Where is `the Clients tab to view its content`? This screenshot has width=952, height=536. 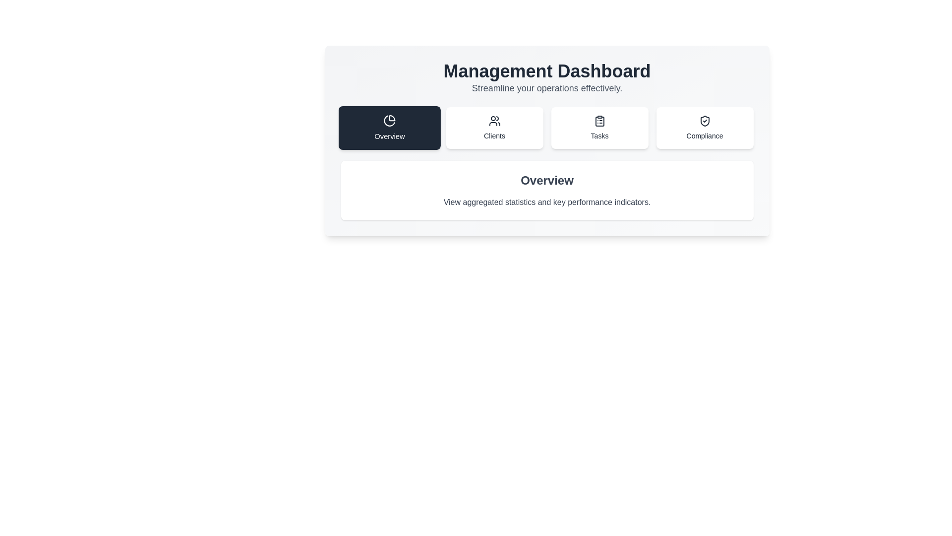 the Clients tab to view its content is located at coordinates (494, 128).